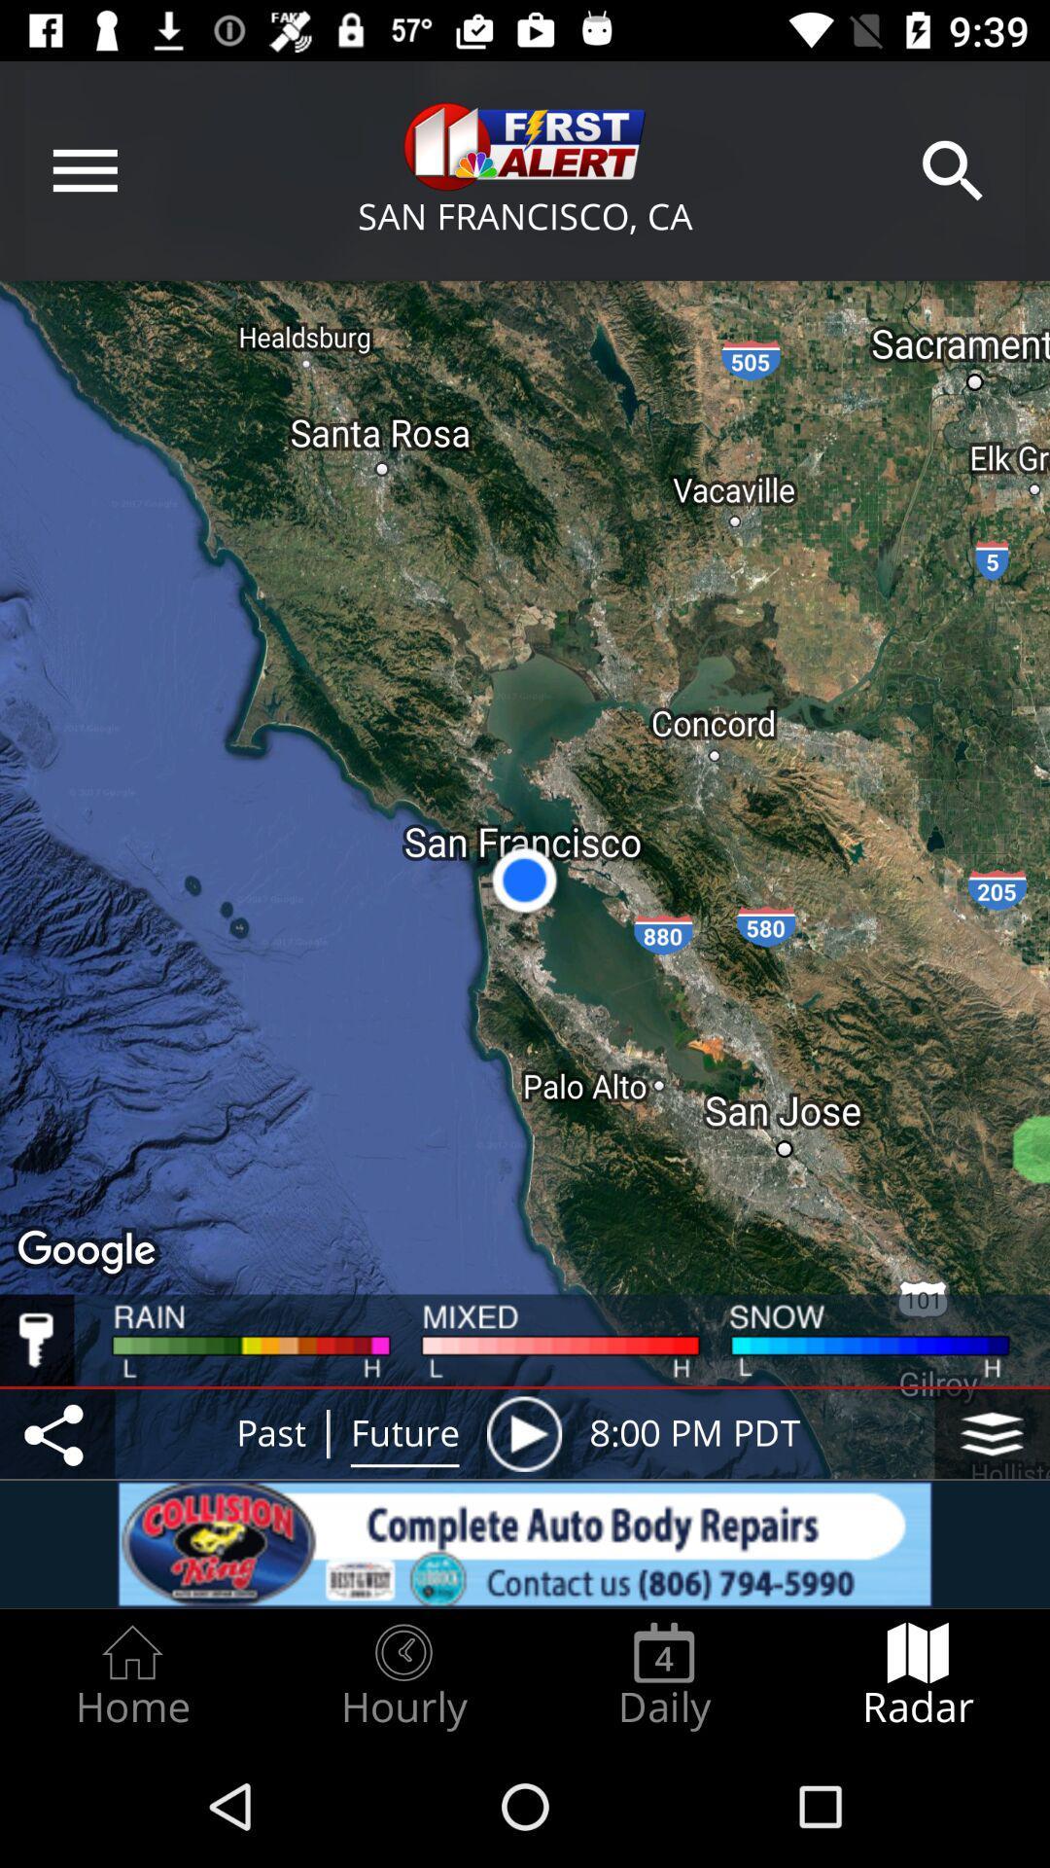  What do you see at coordinates (56, 1434) in the screenshot?
I see `the share icon` at bounding box center [56, 1434].